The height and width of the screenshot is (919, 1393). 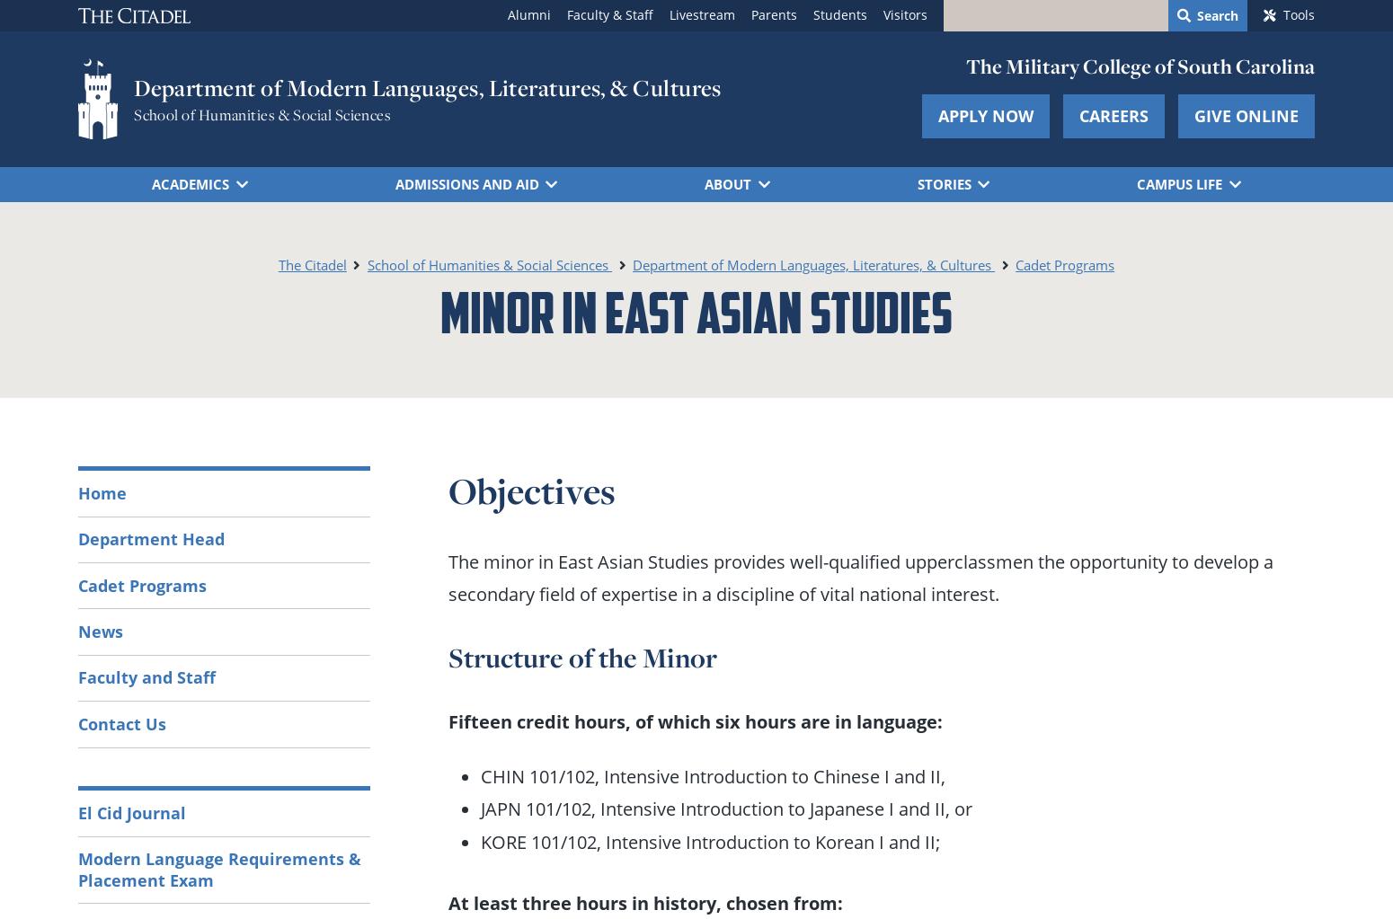 I want to click on 'Objectives', so click(x=447, y=490).